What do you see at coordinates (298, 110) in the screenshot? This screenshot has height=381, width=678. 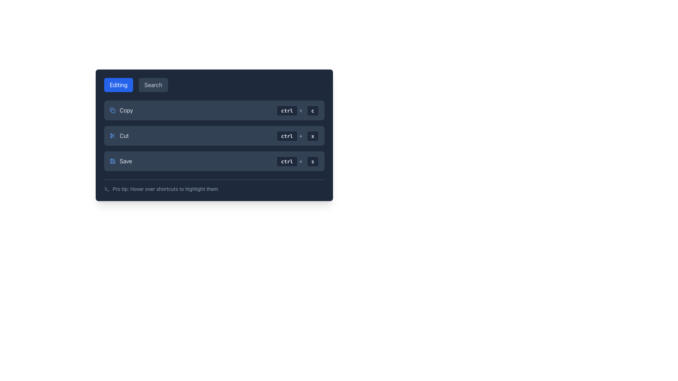 I see `the keyboard shortcut indicator for 'Copy', which displays 'ctrl + c' and is located in the right section of the row labeled 'Copy'` at bounding box center [298, 110].